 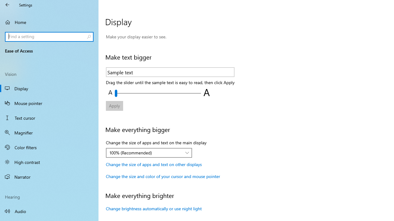 I want to click on '100% (Recommended)', so click(x=145, y=152).